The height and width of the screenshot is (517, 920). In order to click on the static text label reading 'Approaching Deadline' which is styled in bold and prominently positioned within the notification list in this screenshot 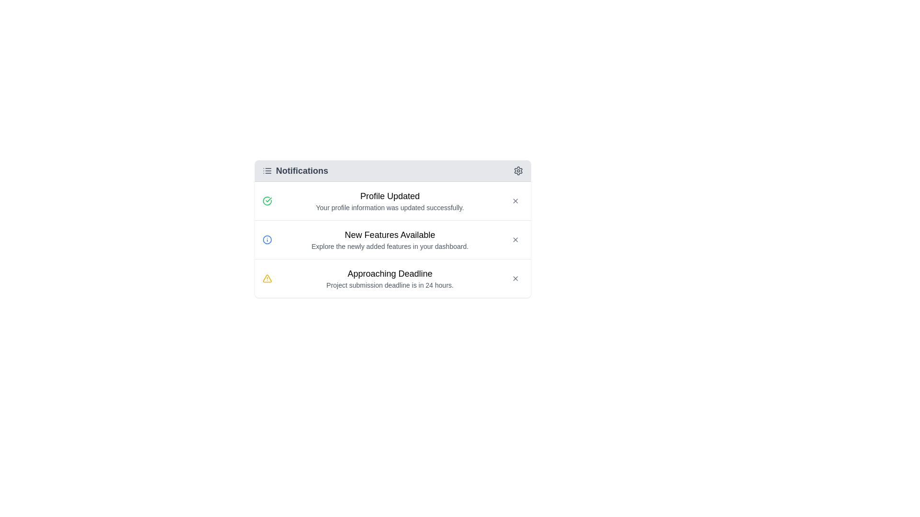, I will do `click(390, 273)`.